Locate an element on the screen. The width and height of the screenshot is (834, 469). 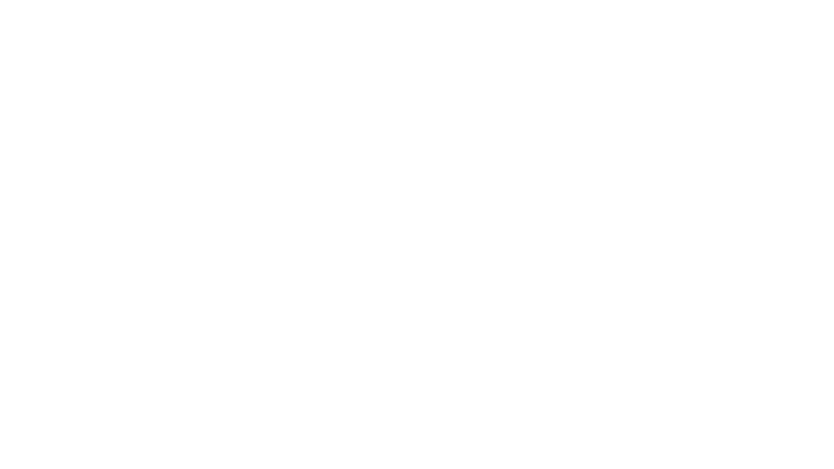
LOGIN is located at coordinates (675, 24).